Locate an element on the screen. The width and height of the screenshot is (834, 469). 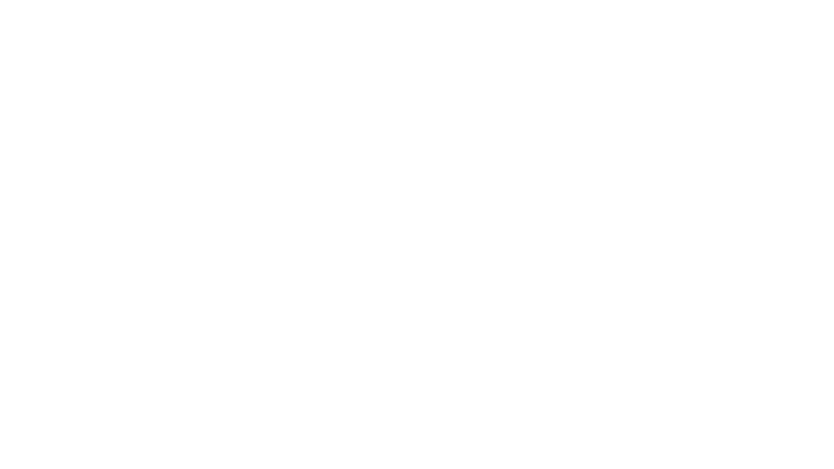
LOGIN is located at coordinates (675, 24).